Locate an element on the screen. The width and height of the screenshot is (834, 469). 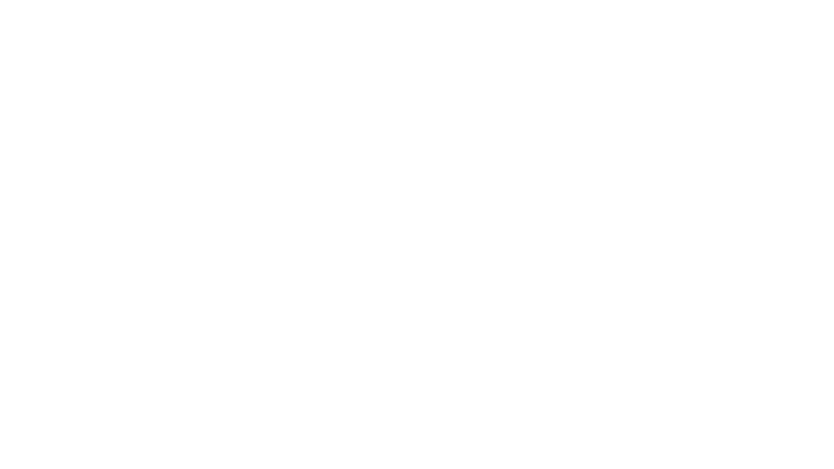
LOGIN is located at coordinates (675, 24).